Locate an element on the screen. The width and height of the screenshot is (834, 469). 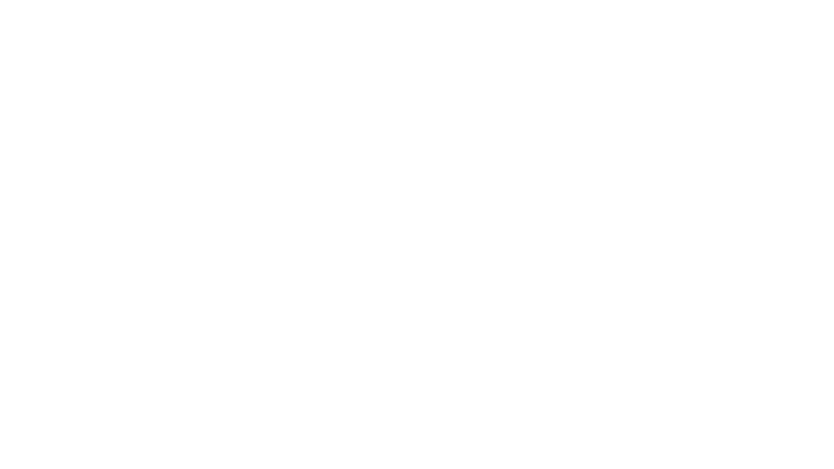
LOGIN is located at coordinates (675, 24).